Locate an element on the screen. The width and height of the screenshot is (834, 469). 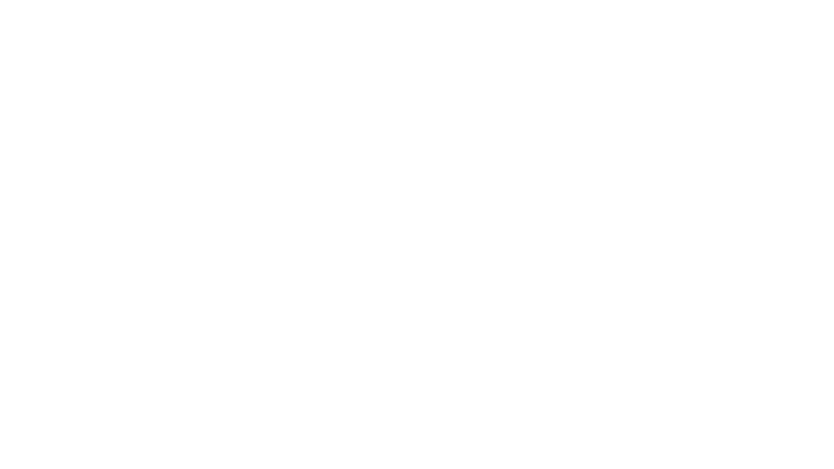
LOGIN is located at coordinates (675, 24).